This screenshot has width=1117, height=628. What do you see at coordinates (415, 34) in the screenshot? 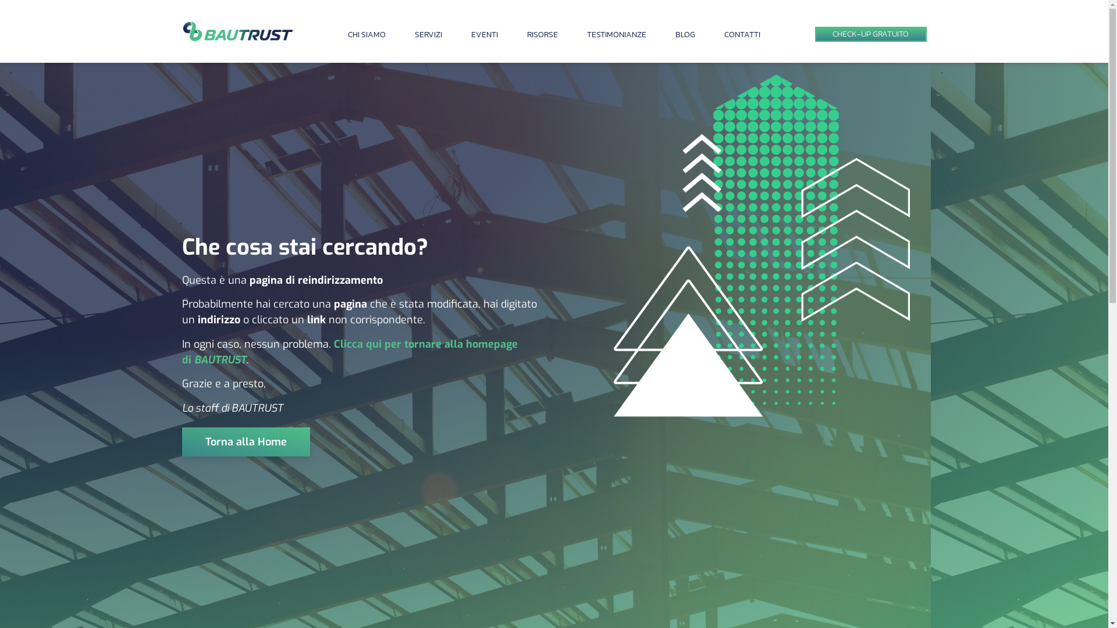
I see `'SERVIZI'` at bounding box center [415, 34].